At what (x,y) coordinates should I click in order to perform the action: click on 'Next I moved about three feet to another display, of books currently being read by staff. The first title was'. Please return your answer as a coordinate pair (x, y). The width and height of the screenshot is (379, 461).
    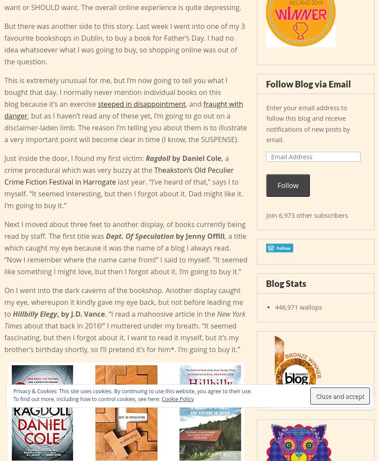
    Looking at the image, I should click on (124, 229).